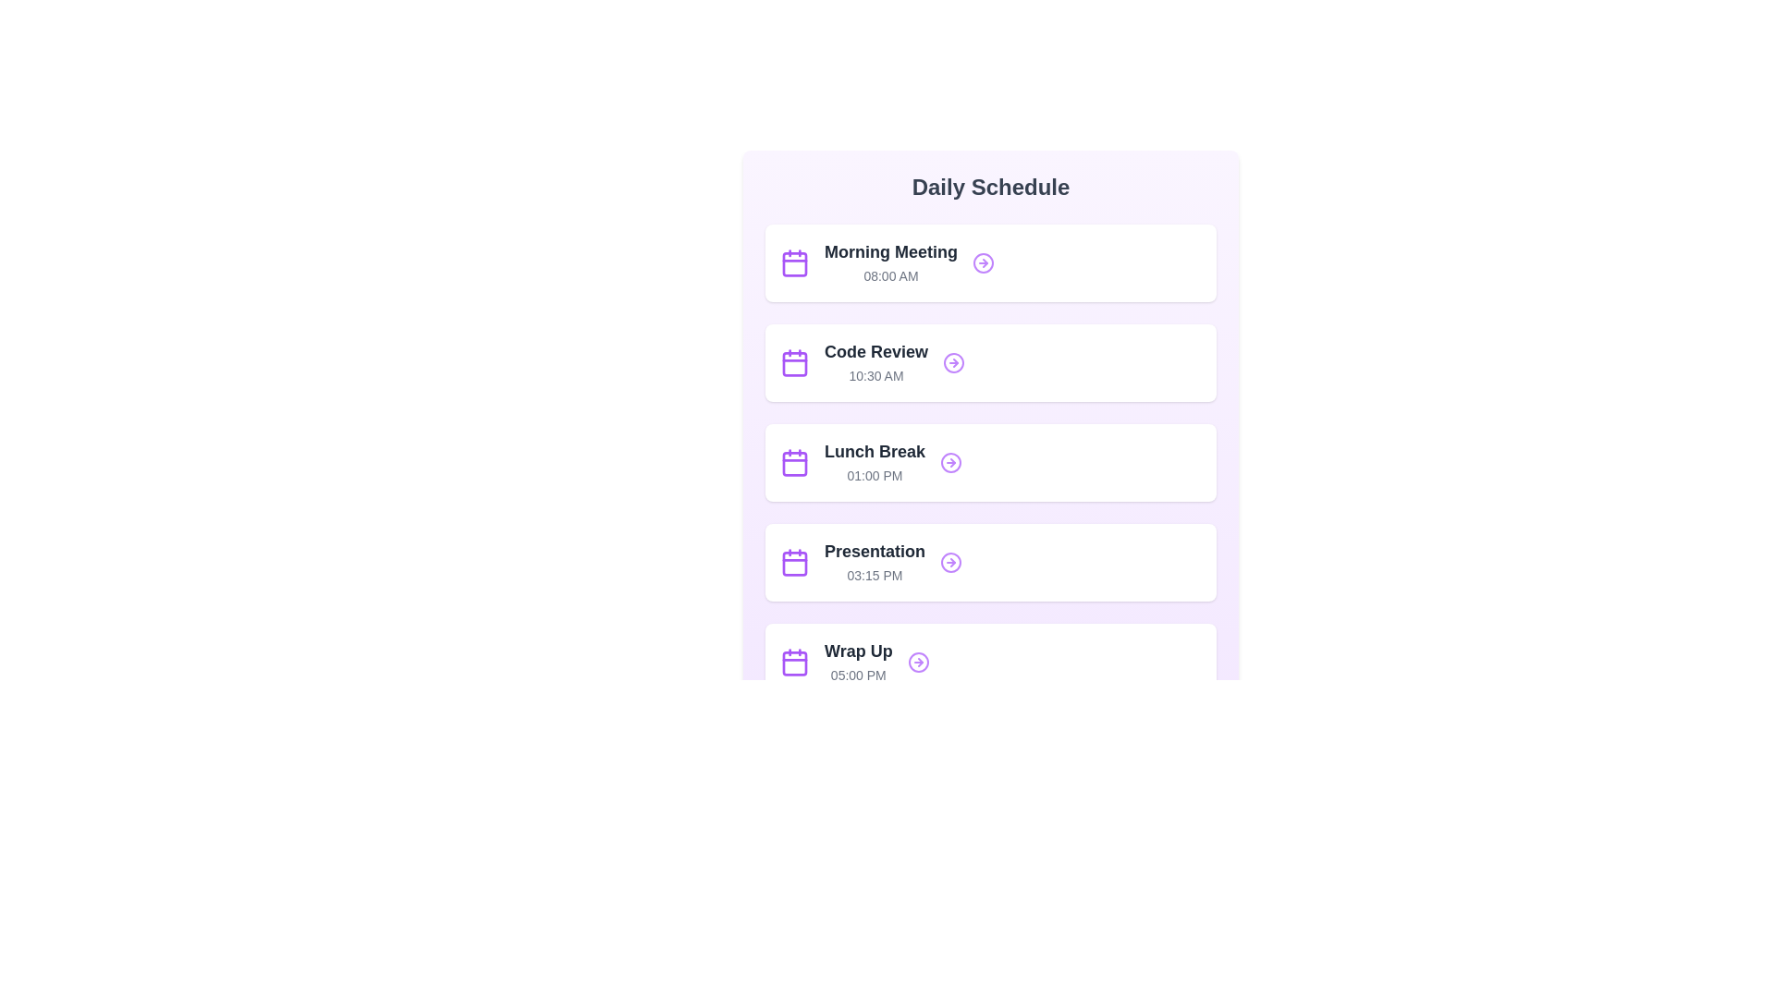  I want to click on the scheduled event label titled 'Presentation' at 03:15 PM, located in the fourth card of the vertical schedule list, so click(874, 562).